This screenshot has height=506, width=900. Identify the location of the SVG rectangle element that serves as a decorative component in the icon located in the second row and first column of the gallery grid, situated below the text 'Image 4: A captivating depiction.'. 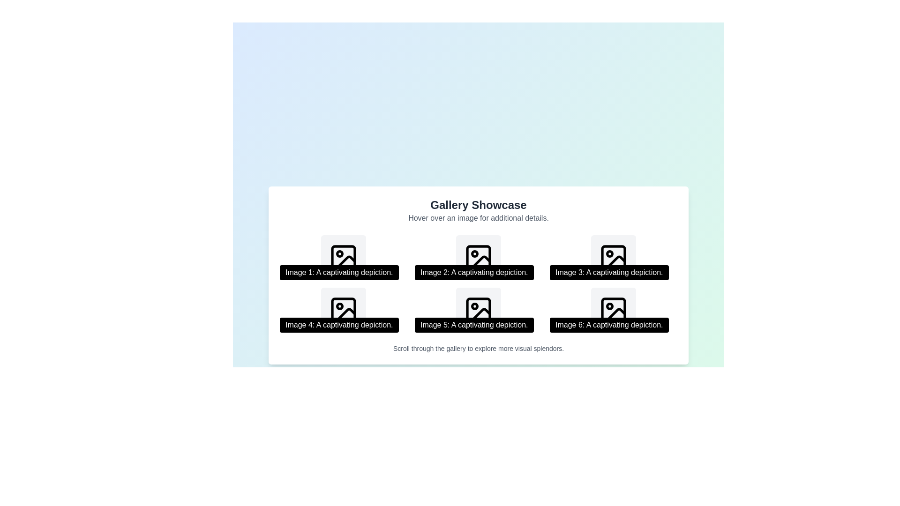
(343, 310).